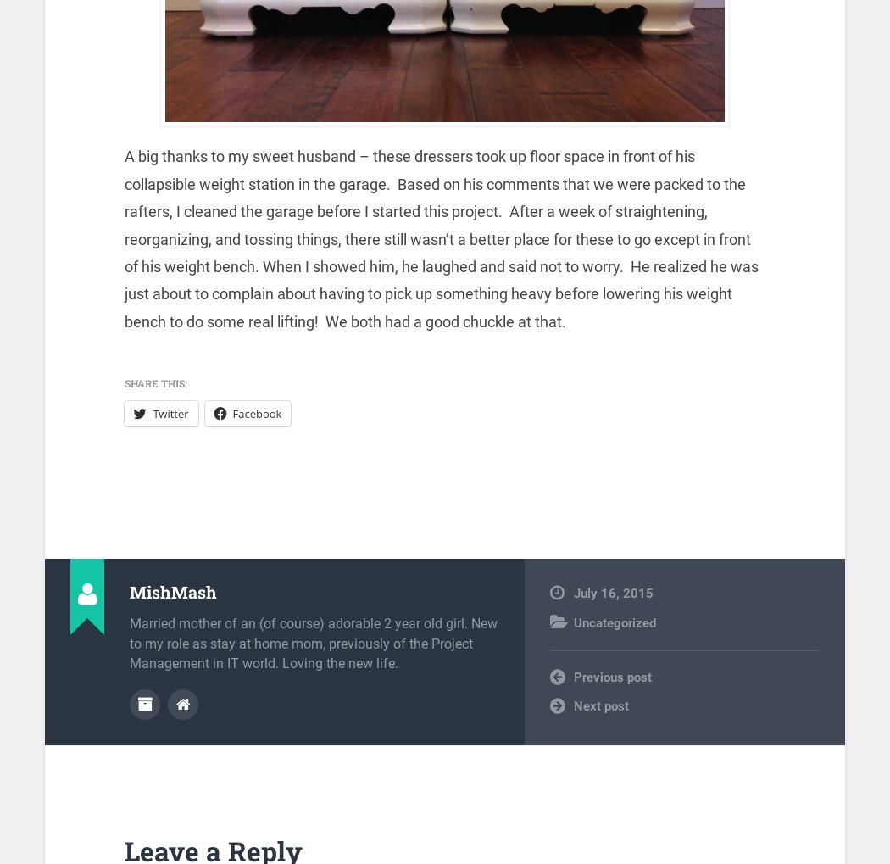 Image resolution: width=890 pixels, height=864 pixels. I want to click on 'Previous post', so click(612, 676).